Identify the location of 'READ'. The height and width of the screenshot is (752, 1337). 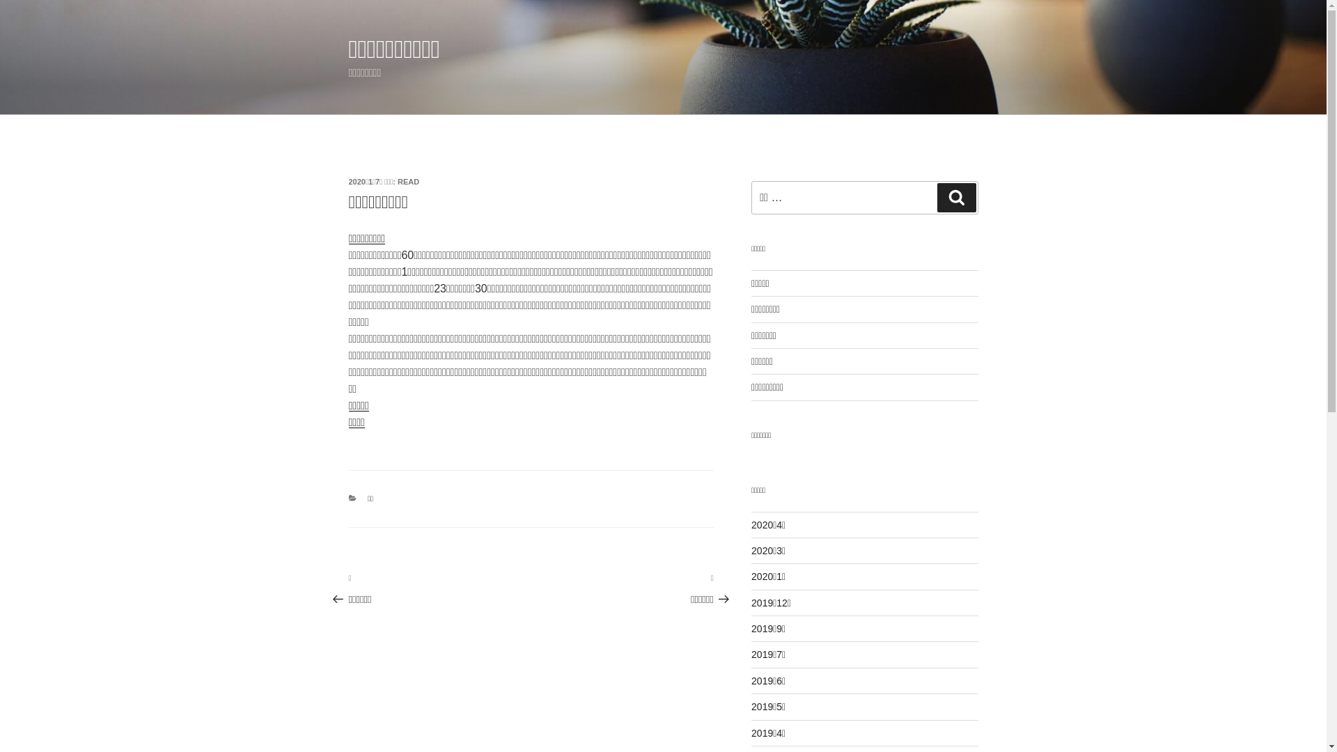
(407, 181).